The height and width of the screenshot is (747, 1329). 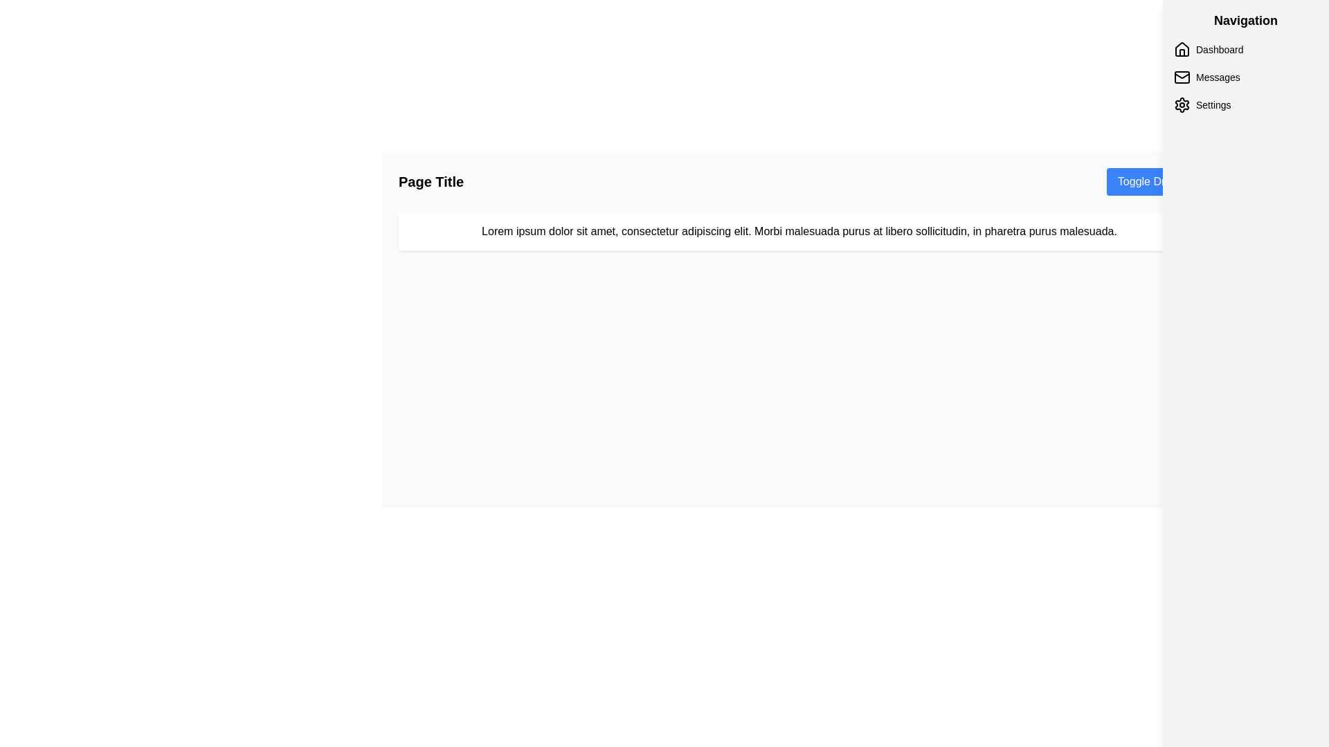 What do you see at coordinates (1182, 49) in the screenshot?
I see `the house icon located in the navigation sidebar, which is positioned left of the text 'Dashboard'` at bounding box center [1182, 49].